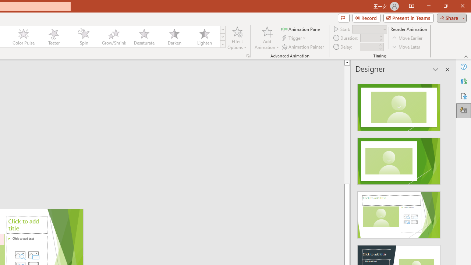  What do you see at coordinates (407, 38) in the screenshot?
I see `'Move Earlier'` at bounding box center [407, 38].